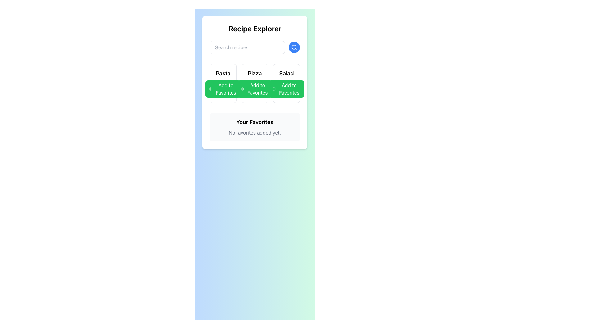 Image resolution: width=596 pixels, height=335 pixels. I want to click on the 'Add to Favorites' button located at the bottom of the 'Salad' card, so click(286, 89).